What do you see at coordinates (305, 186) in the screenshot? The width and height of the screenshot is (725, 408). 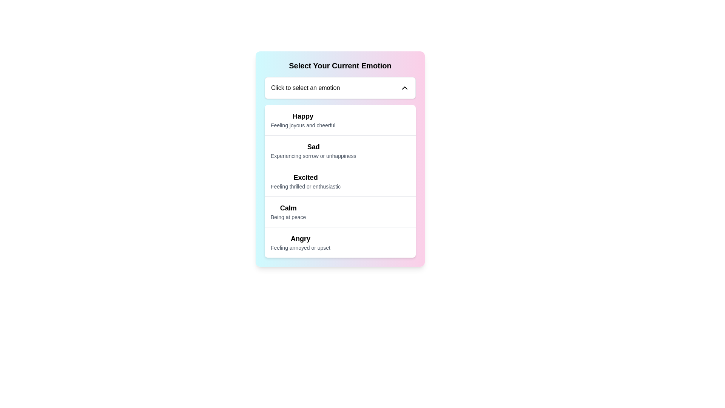 I see `the text label reading 'Feeling thrilled or enthusiastic', which is styled in a smaller, gray-colored font and located directly below the title 'Excited'` at bounding box center [305, 186].